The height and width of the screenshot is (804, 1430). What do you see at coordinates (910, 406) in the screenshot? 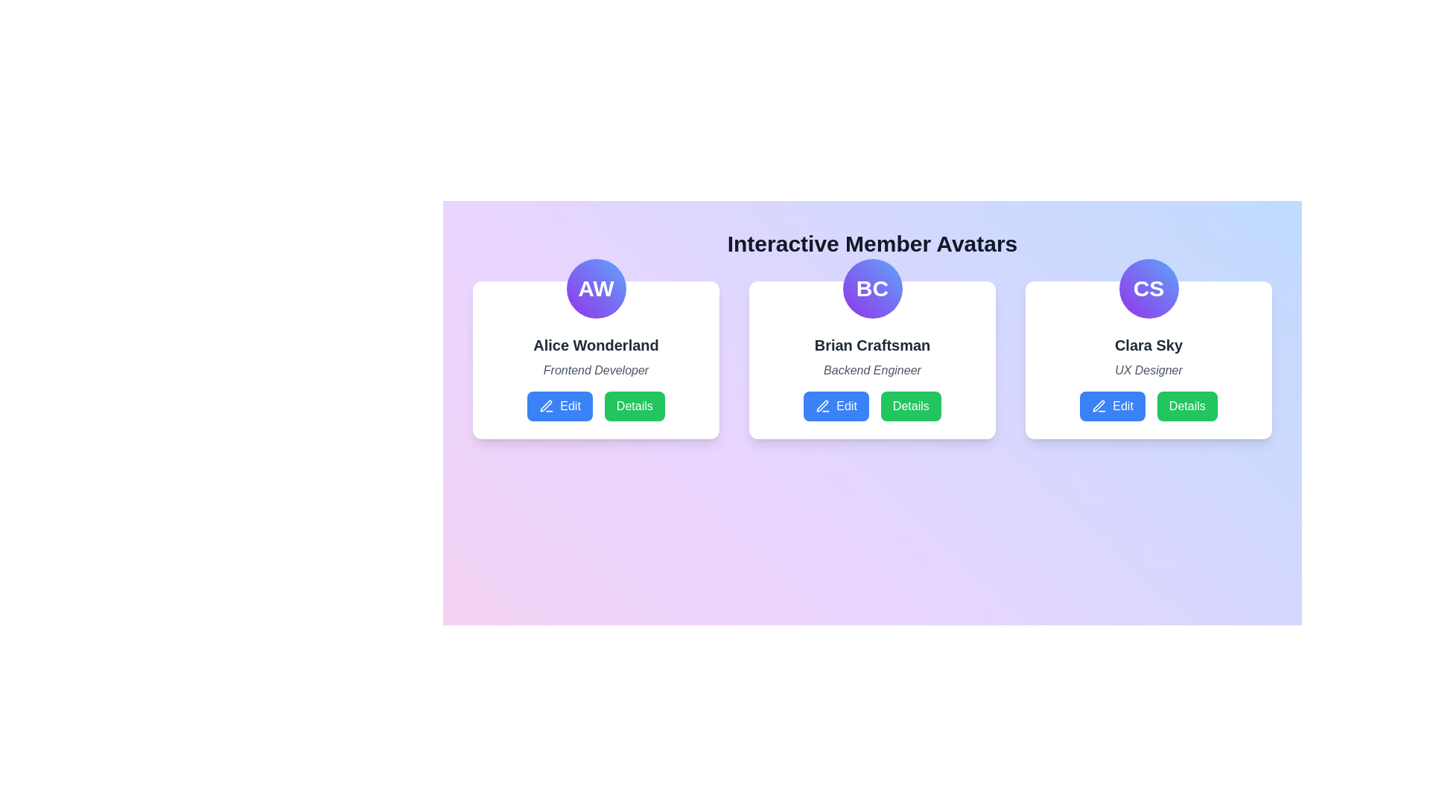
I see `the 'Details' button, which is the second button in the profile card, positioned to the right of the blue 'Edit' button, to observe its hover effects` at bounding box center [910, 406].